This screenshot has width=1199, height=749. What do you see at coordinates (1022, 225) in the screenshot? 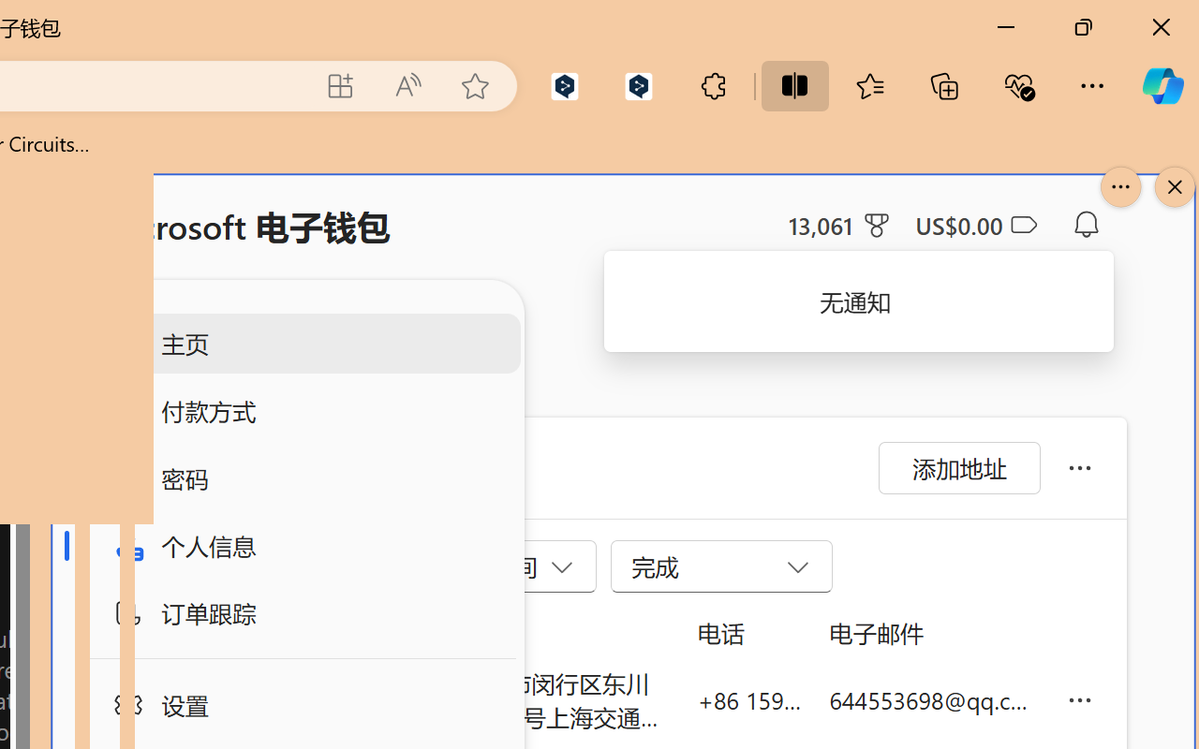
I see `'Class: ___1lmltc5 f1agt3bx f12qytpq'` at bounding box center [1022, 225].